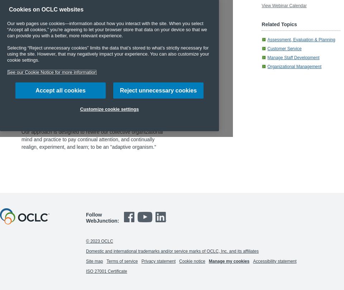 The height and width of the screenshot is (290, 344). What do you see at coordinates (93, 214) in the screenshot?
I see `'Follow'` at bounding box center [93, 214].